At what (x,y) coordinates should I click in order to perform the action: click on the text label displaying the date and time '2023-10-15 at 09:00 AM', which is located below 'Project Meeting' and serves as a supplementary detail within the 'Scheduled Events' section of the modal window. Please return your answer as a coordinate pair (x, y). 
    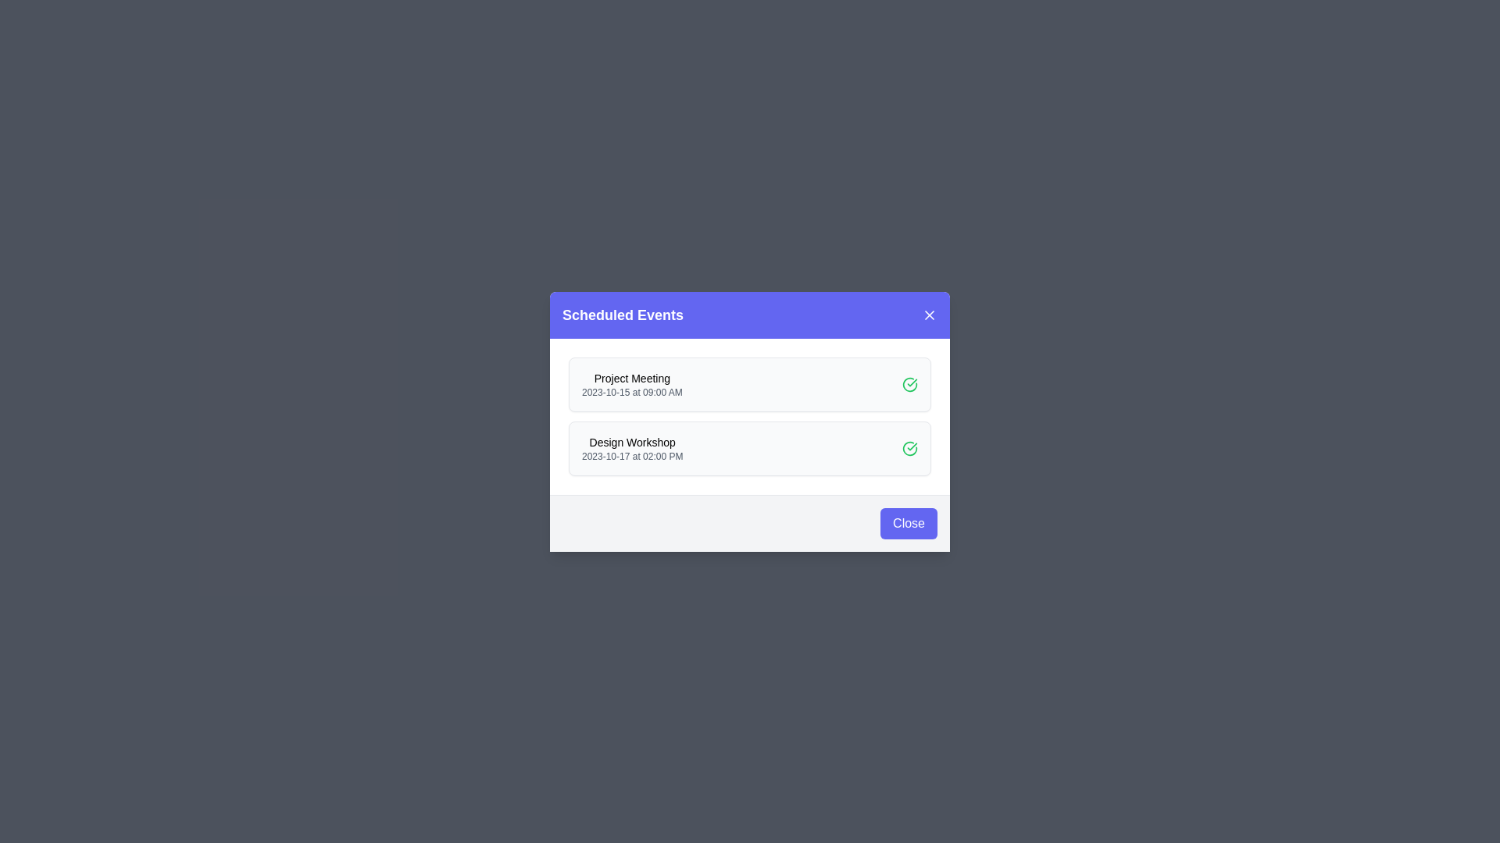
    Looking at the image, I should click on (632, 391).